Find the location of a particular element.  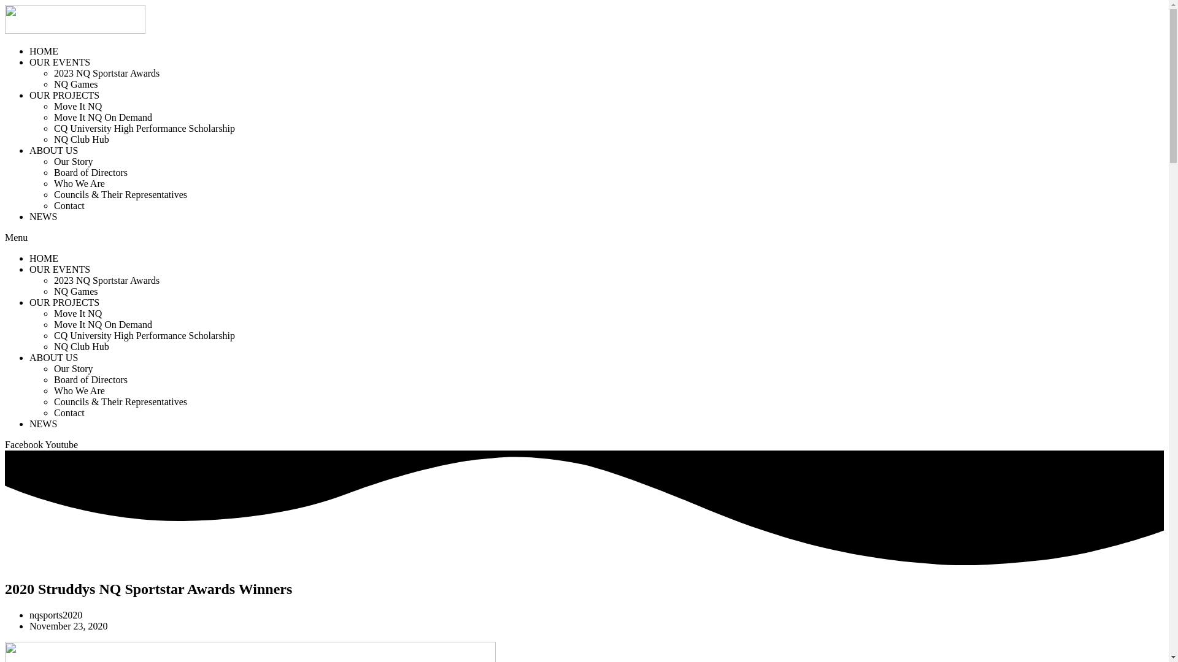

'November 23, 2020' is located at coordinates (67, 626).